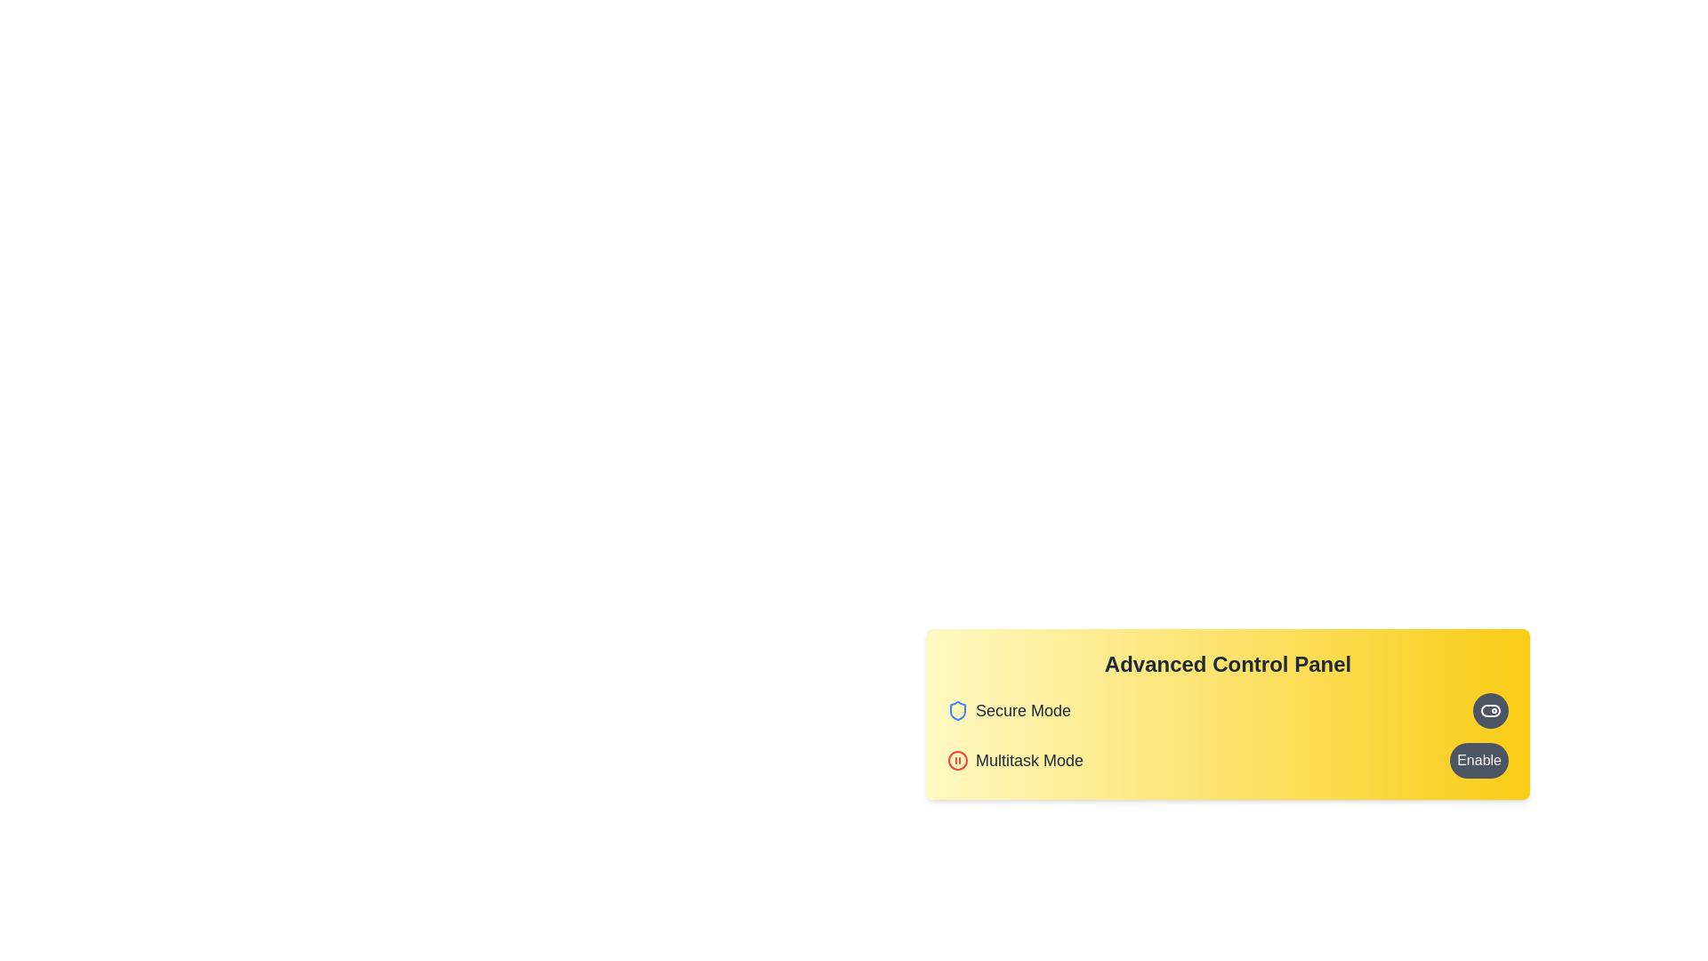 The image size is (1708, 961). Describe the element at coordinates (956, 709) in the screenshot. I see `the shield-shaped icon with a blue outline located next to the text 'Secure Mode'` at that location.